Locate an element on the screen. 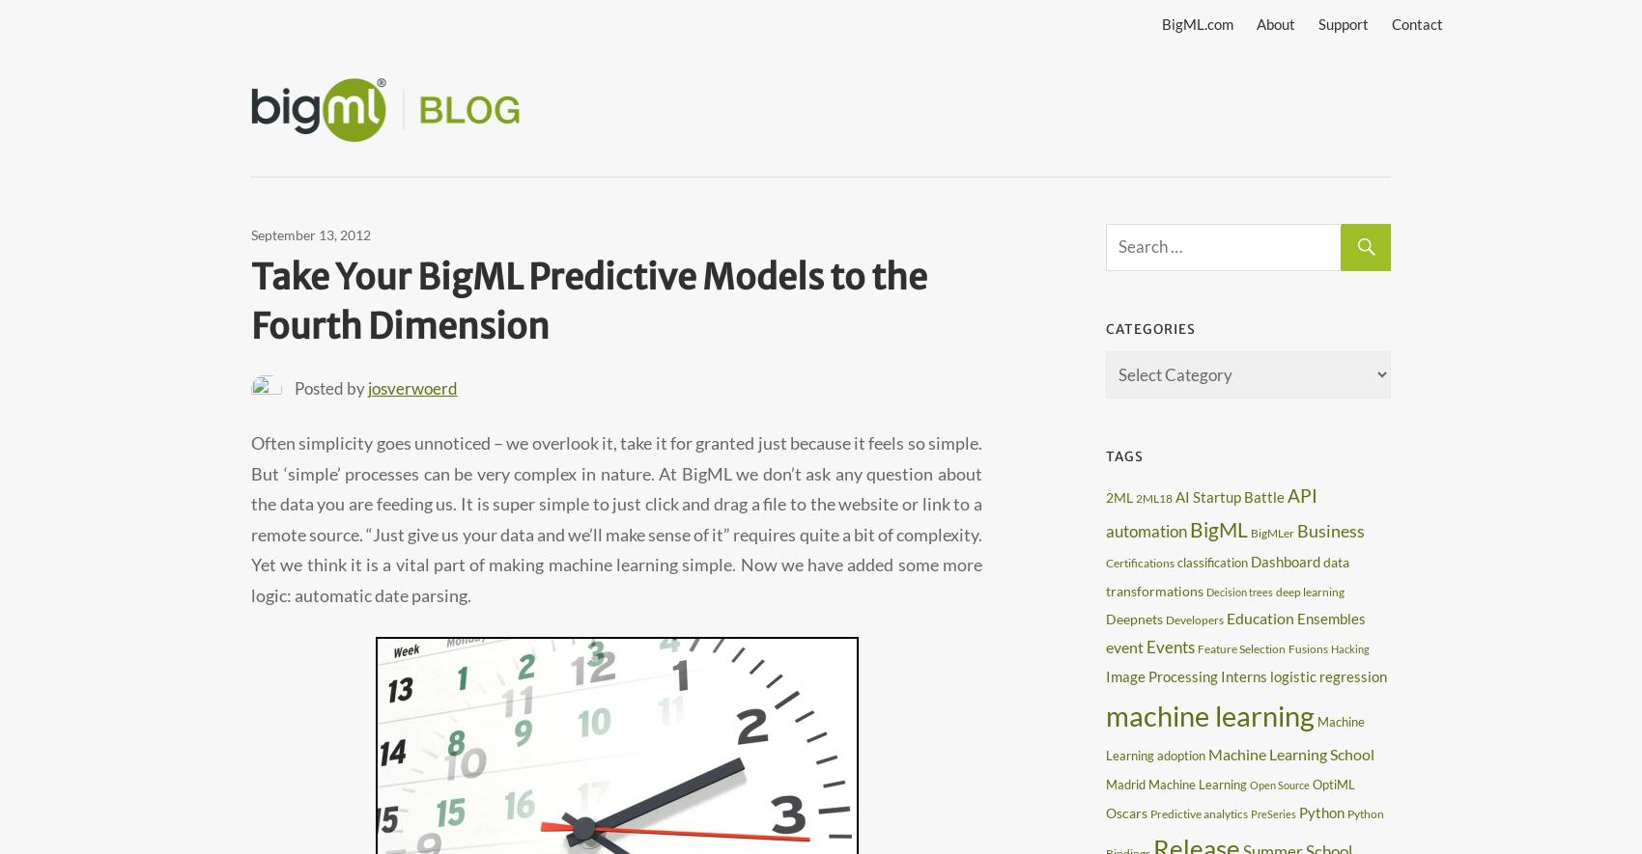 The image size is (1642, 854). 'Categories' is located at coordinates (1105, 328).